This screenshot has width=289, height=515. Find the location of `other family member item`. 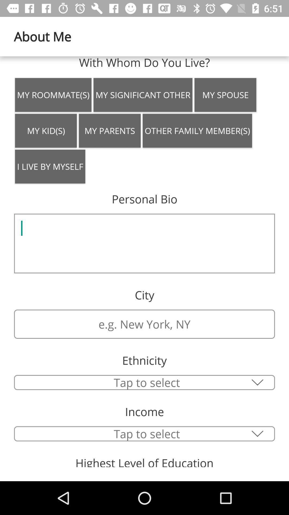

other family member item is located at coordinates (197, 131).